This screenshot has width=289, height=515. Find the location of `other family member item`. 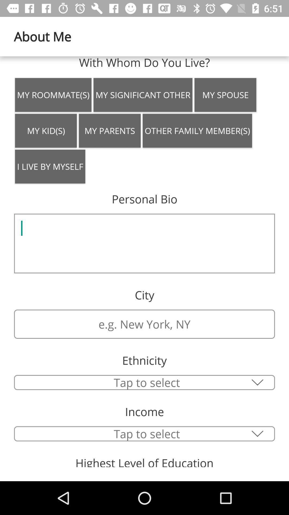

other family member item is located at coordinates (197, 131).